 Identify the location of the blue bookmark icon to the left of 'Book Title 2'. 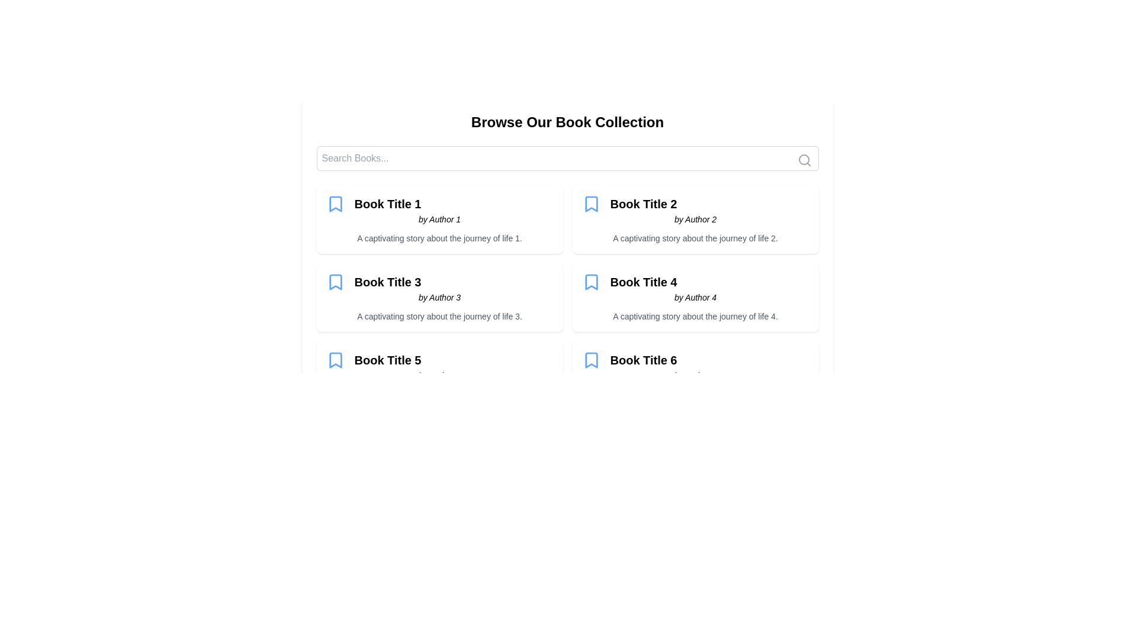
(591, 203).